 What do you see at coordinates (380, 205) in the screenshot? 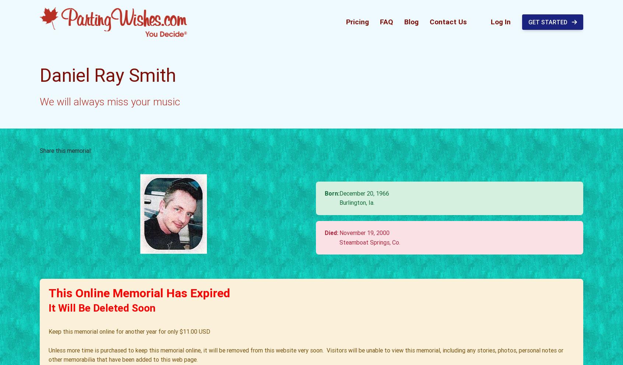
I see `'April'` at bounding box center [380, 205].